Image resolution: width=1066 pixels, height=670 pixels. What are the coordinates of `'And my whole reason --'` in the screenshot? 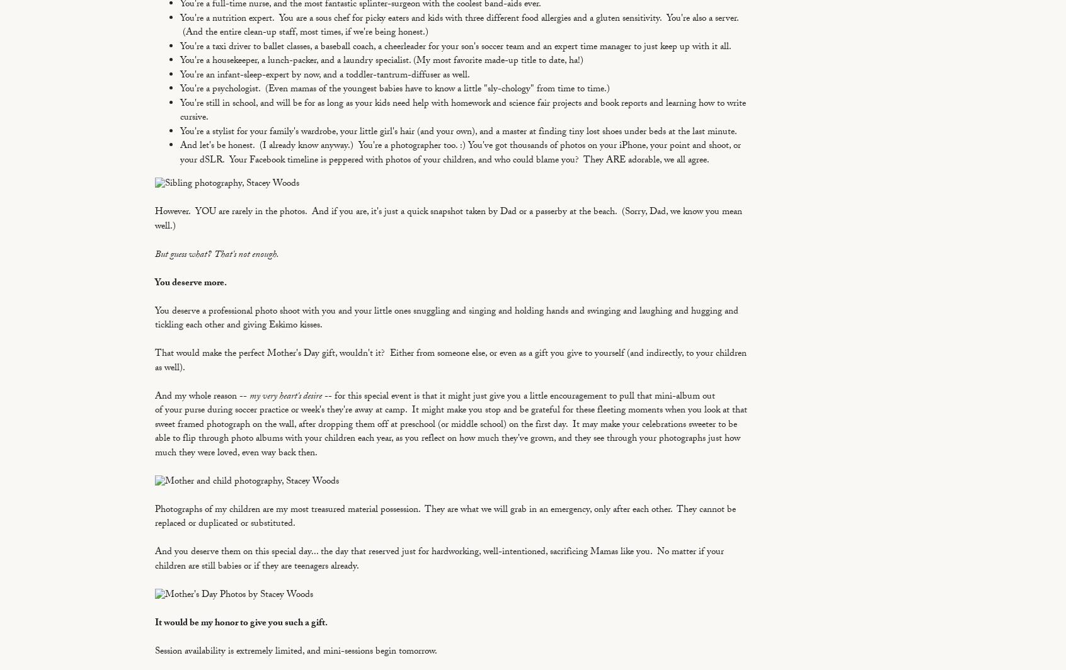 It's located at (155, 396).